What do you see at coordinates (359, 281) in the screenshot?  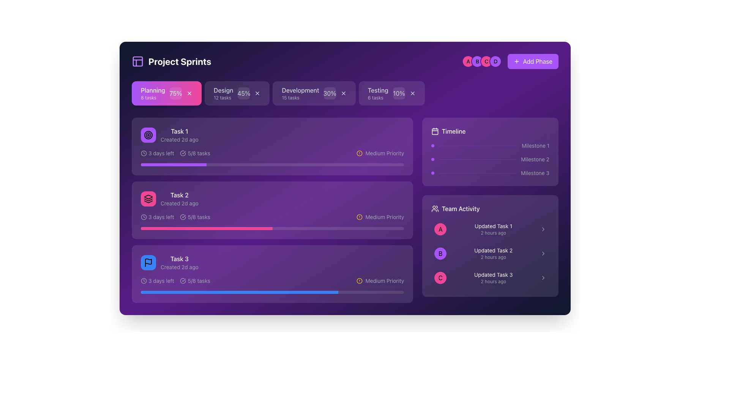 I see `the alert icon located to the left of the 'Medium Priority' text in the third task panel from the top` at bounding box center [359, 281].